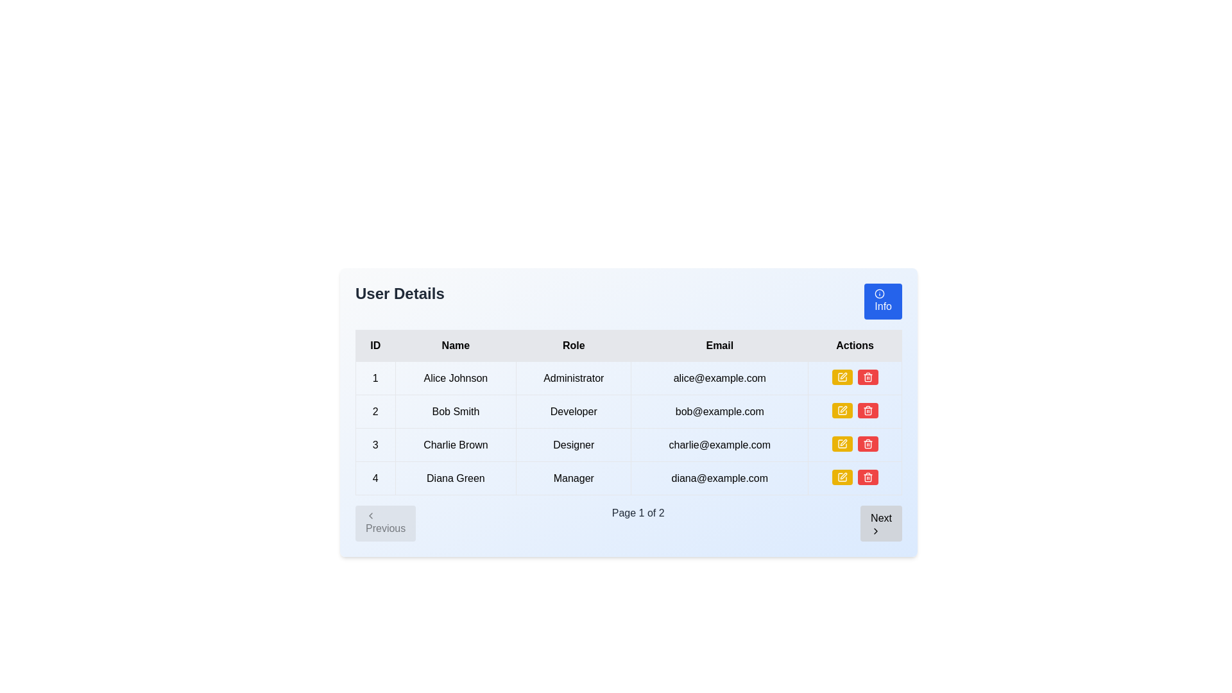 Image resolution: width=1232 pixels, height=693 pixels. I want to click on the 'Previous' button icon located at the lower-left corner beneath the user details table, so click(370, 515).